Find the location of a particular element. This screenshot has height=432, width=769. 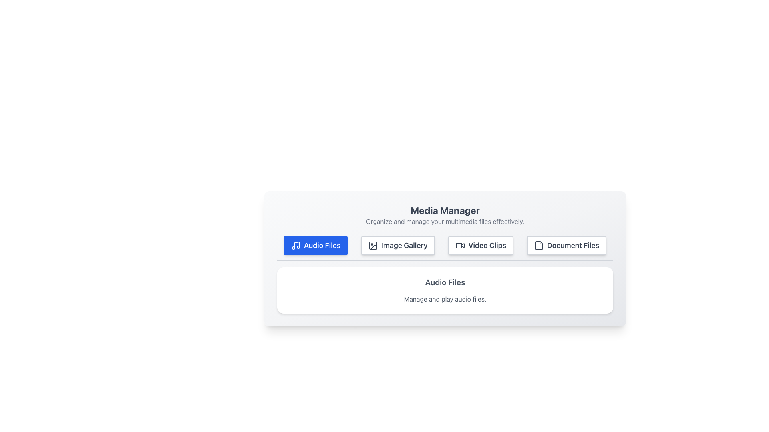

the heading text 'Media Manager' is located at coordinates (445, 214).